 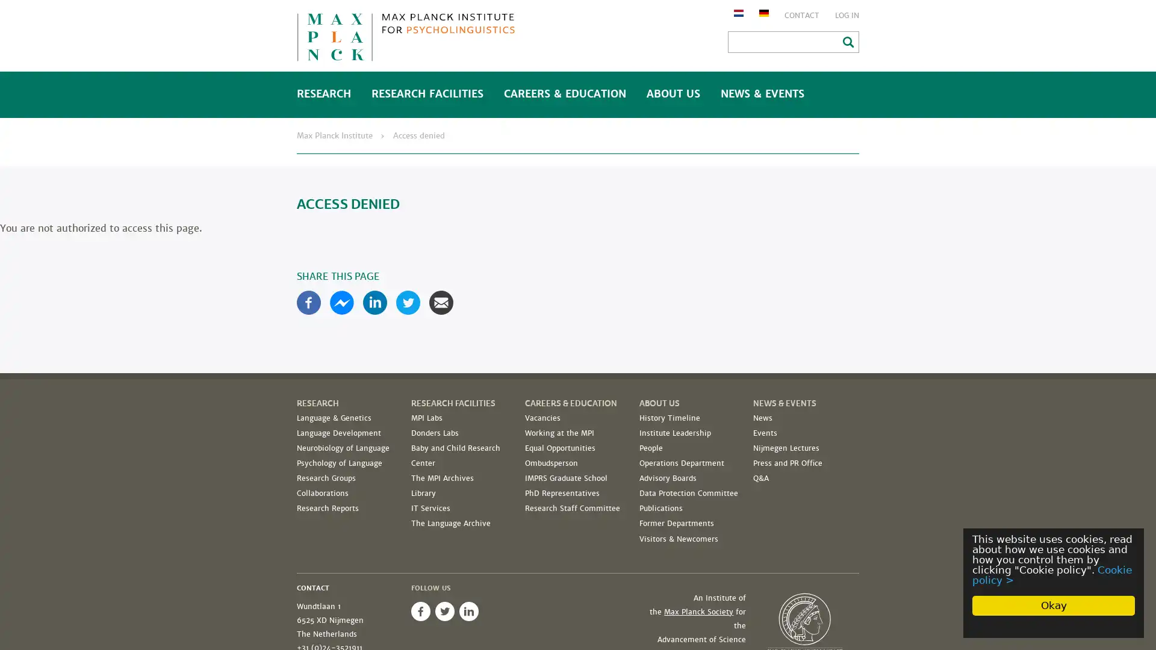 What do you see at coordinates (846, 41) in the screenshot?
I see `Search` at bounding box center [846, 41].